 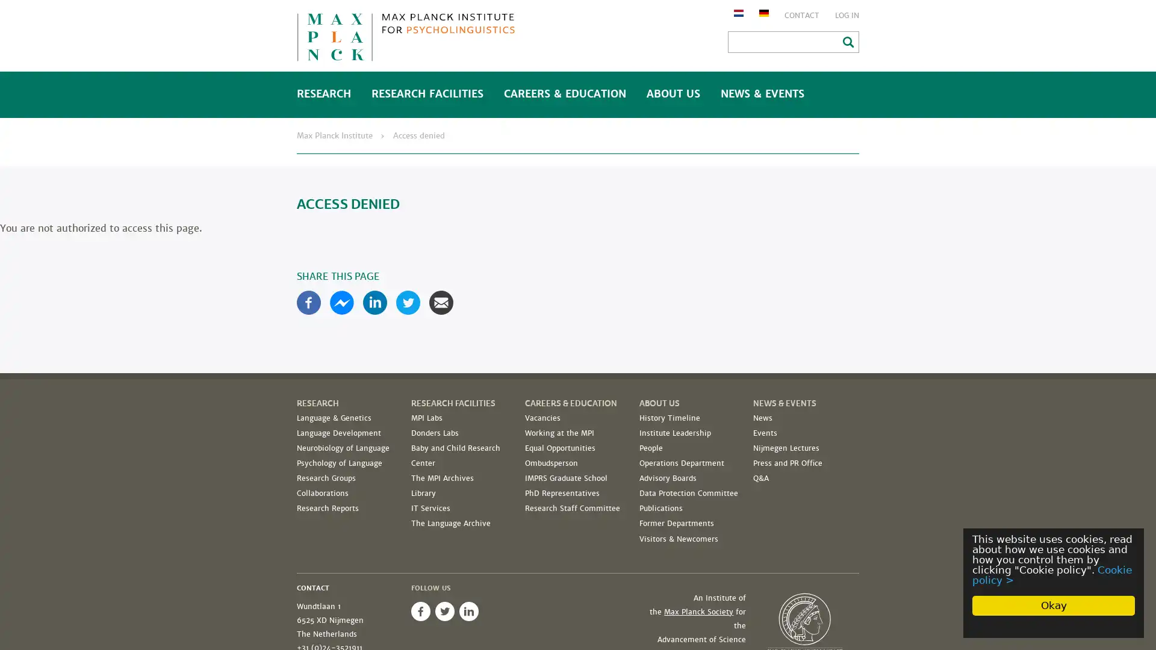 What do you see at coordinates (846, 41) in the screenshot?
I see `Search` at bounding box center [846, 41].